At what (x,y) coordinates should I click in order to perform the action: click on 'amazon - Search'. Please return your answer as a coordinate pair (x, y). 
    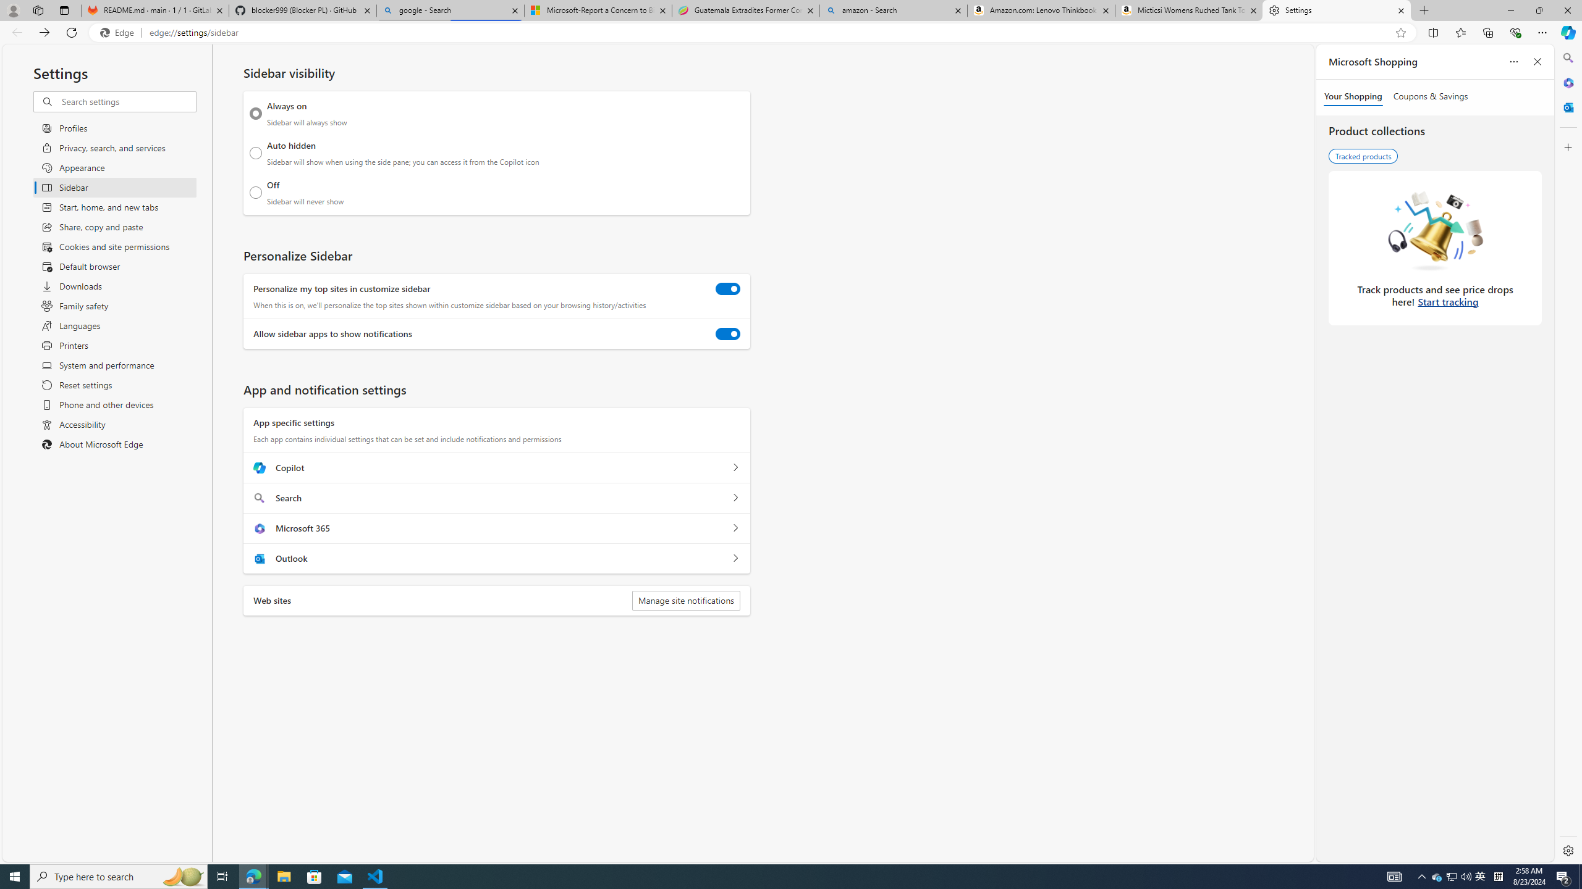
    Looking at the image, I should click on (894, 10).